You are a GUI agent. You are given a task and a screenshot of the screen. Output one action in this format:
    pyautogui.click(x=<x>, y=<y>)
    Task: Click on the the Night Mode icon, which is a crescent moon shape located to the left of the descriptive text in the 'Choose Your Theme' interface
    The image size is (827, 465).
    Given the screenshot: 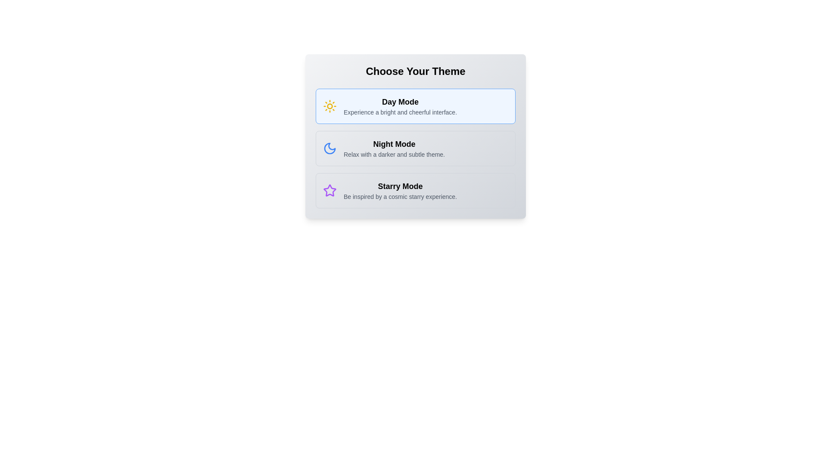 What is the action you would take?
    pyautogui.click(x=330, y=148)
    